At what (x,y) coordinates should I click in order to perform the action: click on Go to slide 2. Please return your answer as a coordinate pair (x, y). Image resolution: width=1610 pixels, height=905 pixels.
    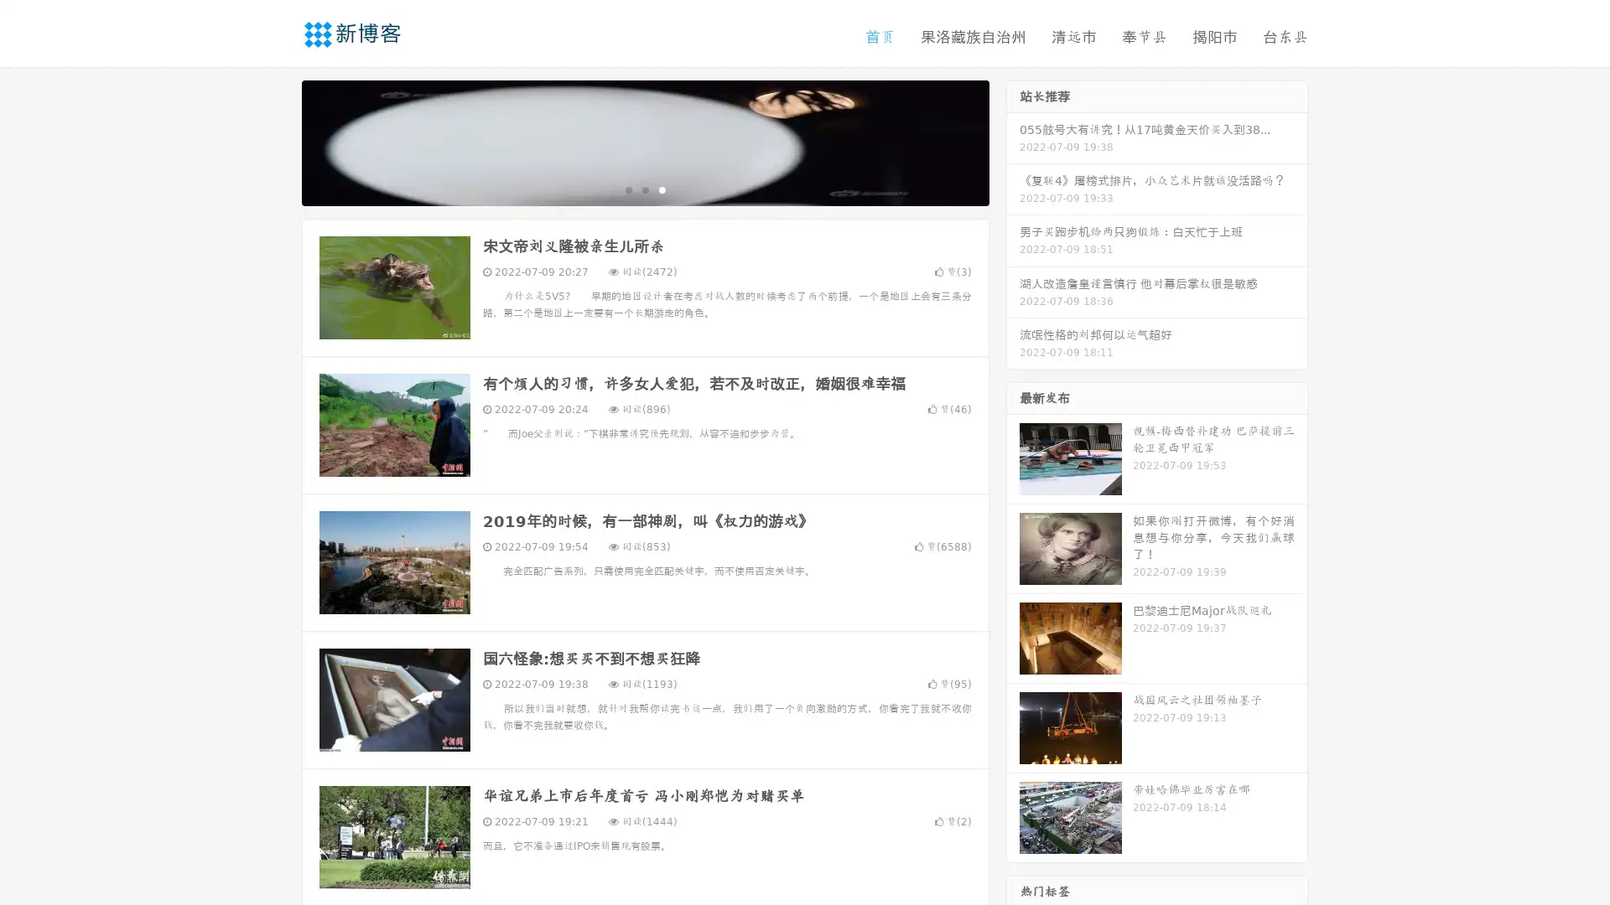
    Looking at the image, I should click on (644, 189).